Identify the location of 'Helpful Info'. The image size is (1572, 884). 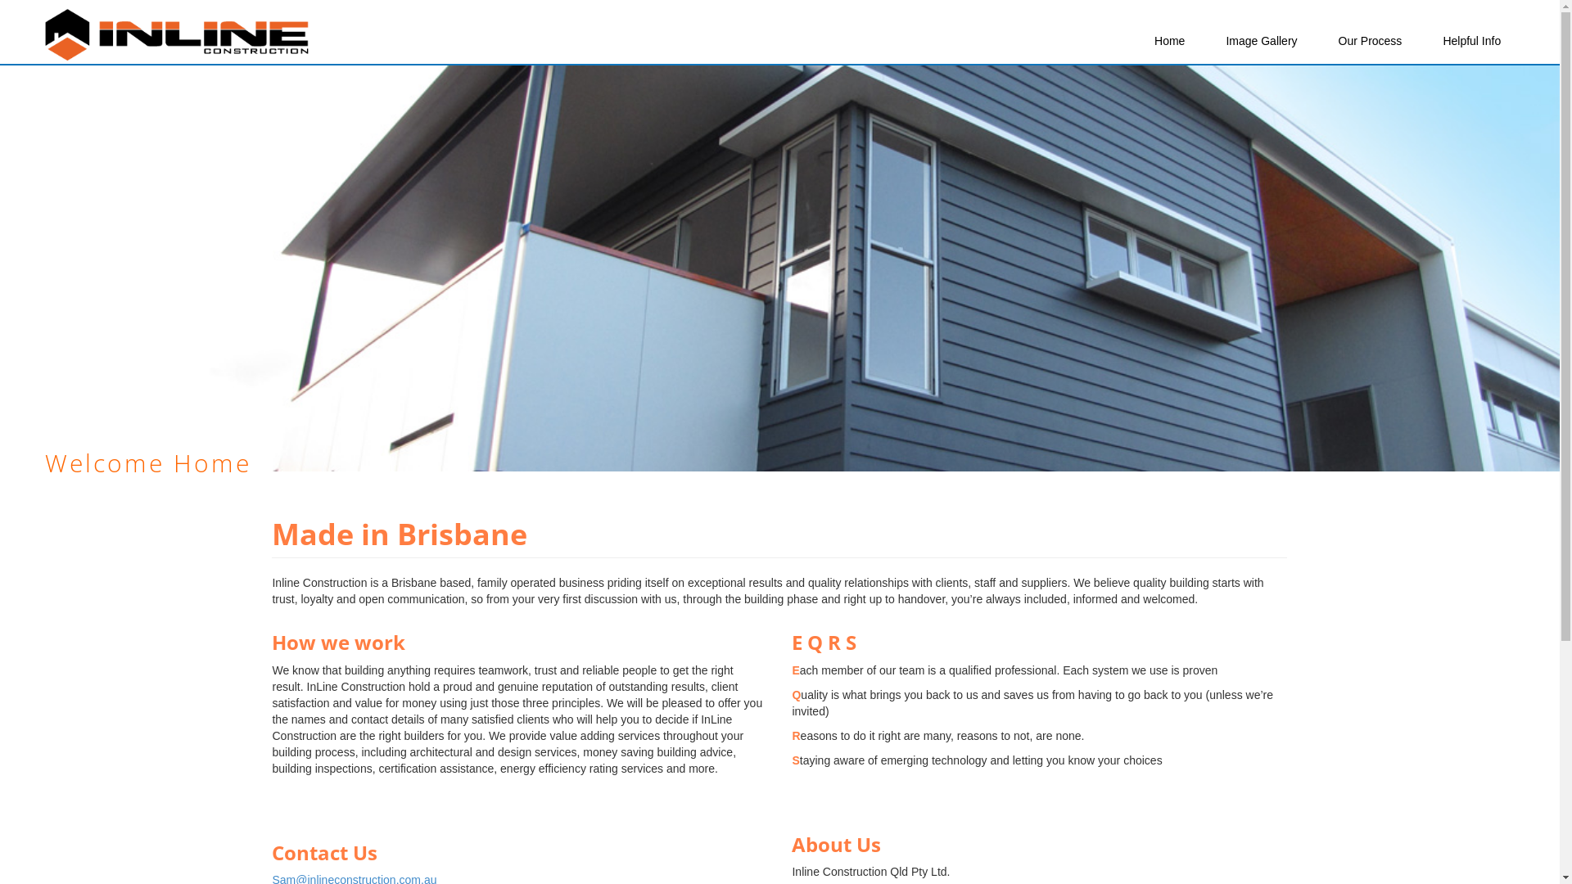
(1471, 40).